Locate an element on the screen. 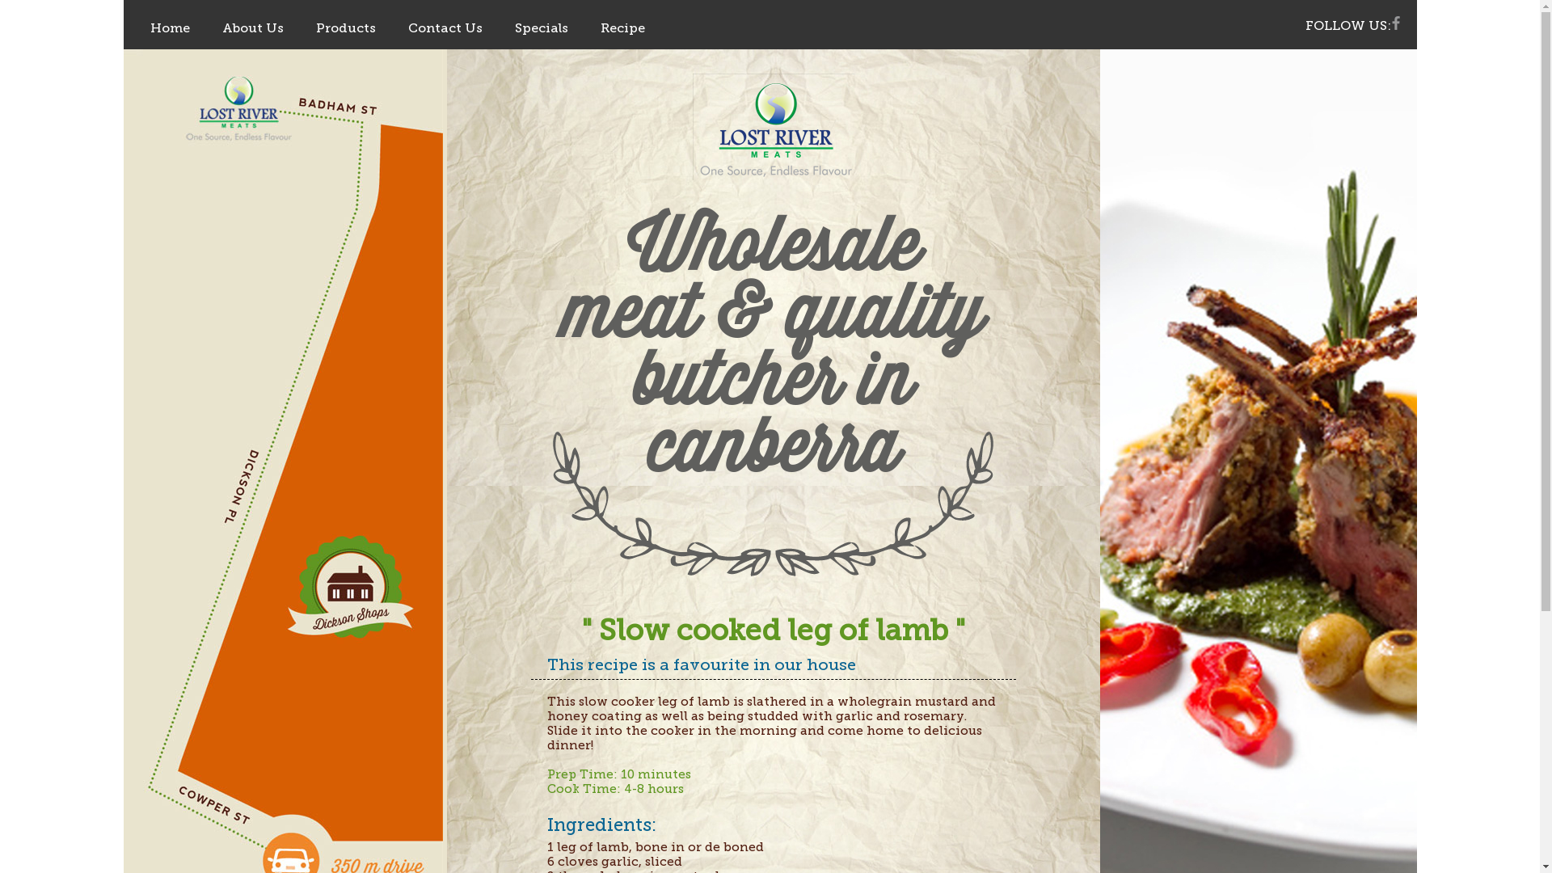  'Recipe' is located at coordinates (599, 27).